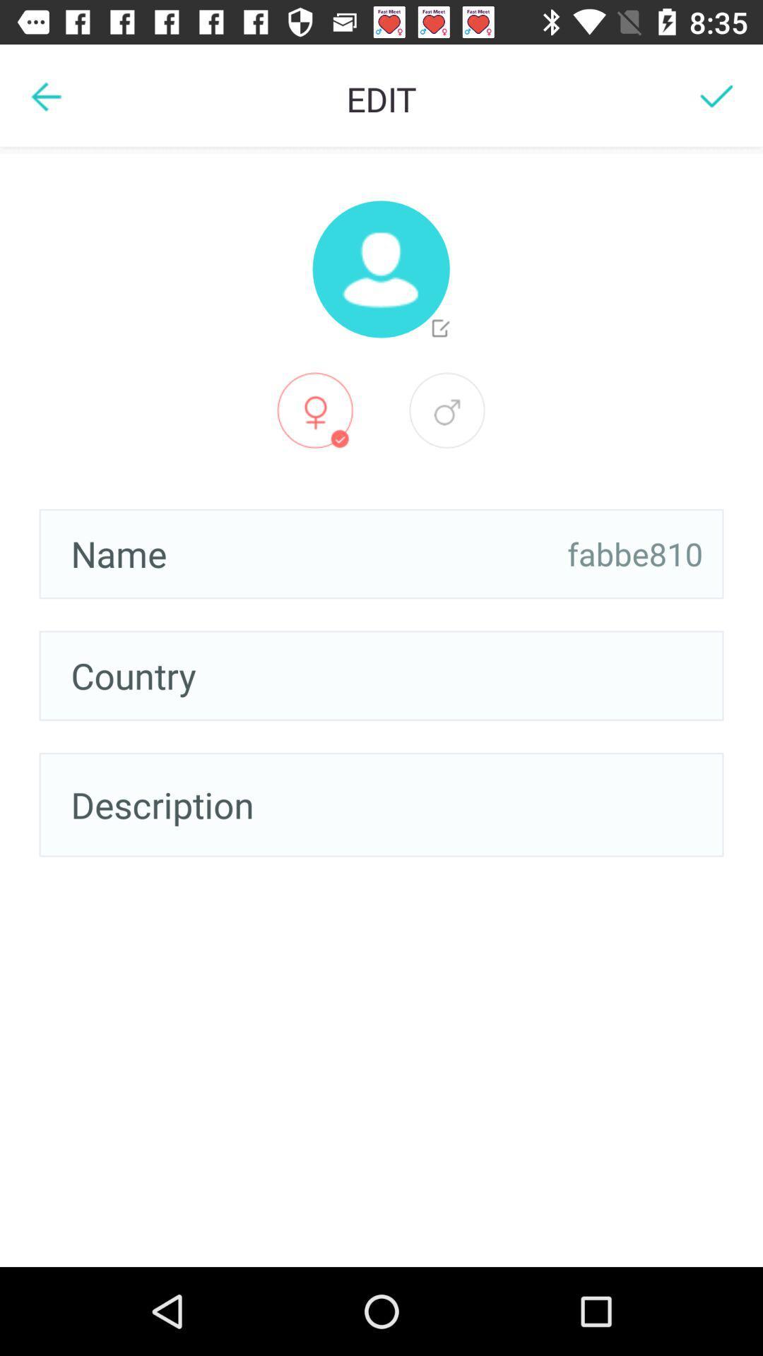 This screenshot has width=763, height=1356. Describe the element at coordinates (634, 553) in the screenshot. I see `the item on the right` at that location.